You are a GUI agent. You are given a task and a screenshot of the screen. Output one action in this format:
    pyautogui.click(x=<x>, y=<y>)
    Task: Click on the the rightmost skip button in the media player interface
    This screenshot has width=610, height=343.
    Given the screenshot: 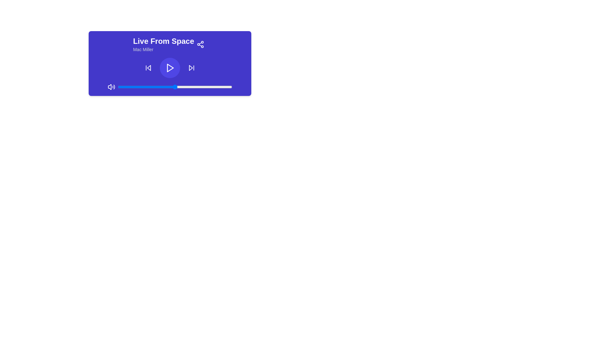 What is the action you would take?
    pyautogui.click(x=191, y=68)
    